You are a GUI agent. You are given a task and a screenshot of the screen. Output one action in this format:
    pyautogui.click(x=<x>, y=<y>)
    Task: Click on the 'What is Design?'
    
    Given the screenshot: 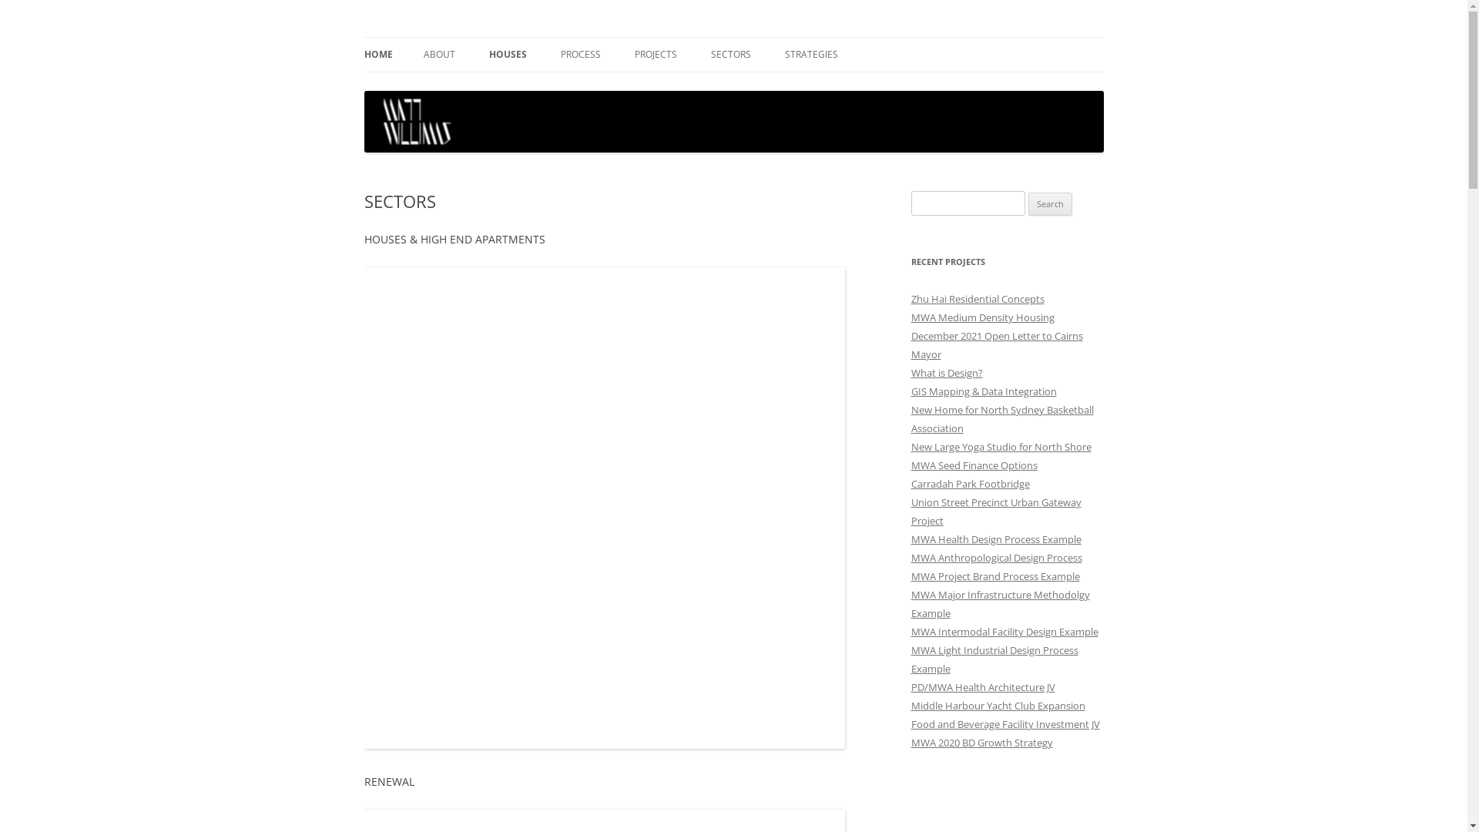 What is the action you would take?
    pyautogui.click(x=945, y=372)
    